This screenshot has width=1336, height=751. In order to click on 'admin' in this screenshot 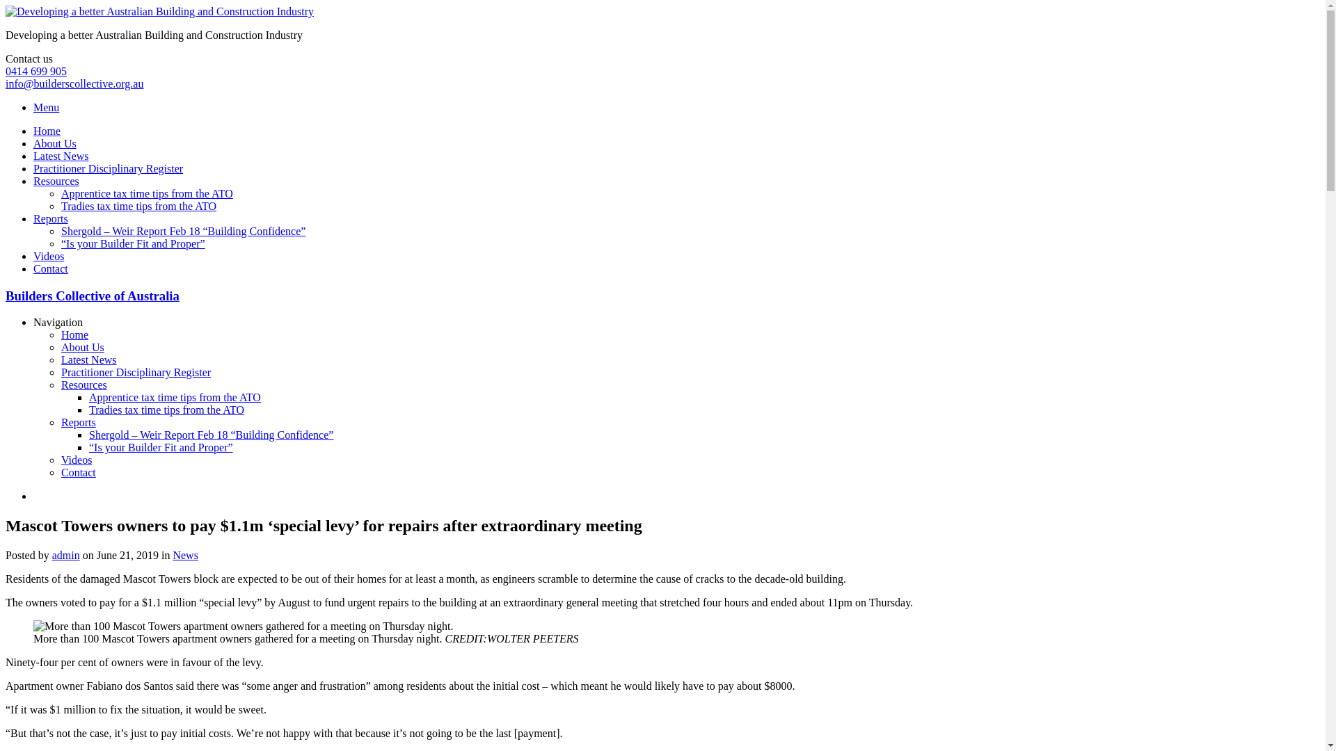, I will do `click(65, 554)`.